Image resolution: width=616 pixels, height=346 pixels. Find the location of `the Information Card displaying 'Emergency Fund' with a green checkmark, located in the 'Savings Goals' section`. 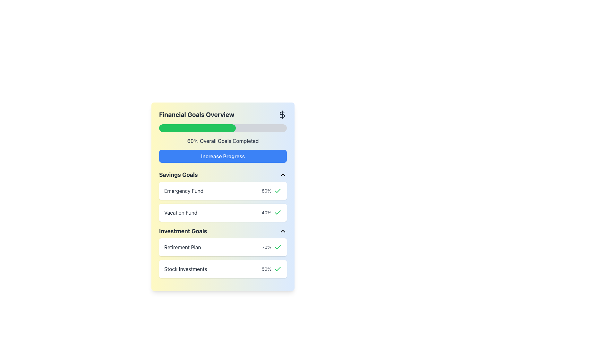

the Information Card displaying 'Emergency Fund' with a green checkmark, located in the 'Savings Goals' section is located at coordinates (223, 191).